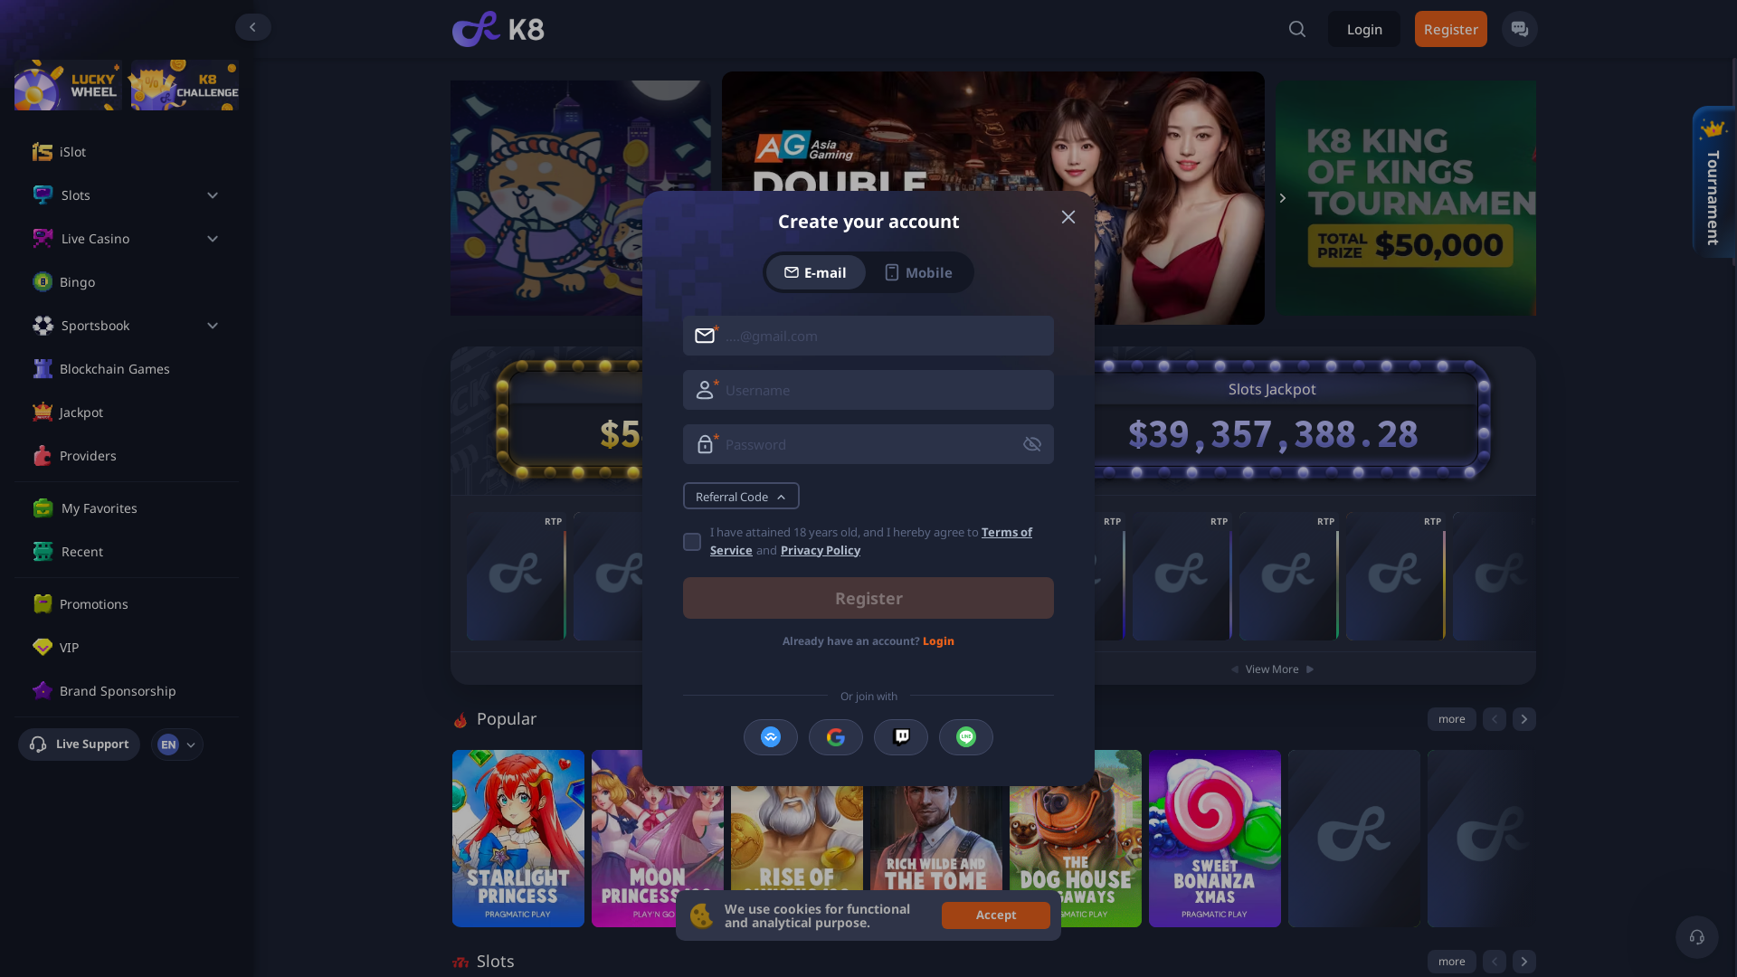  I want to click on 'Sherwood Coins: Hold and Win', so click(1288, 575).